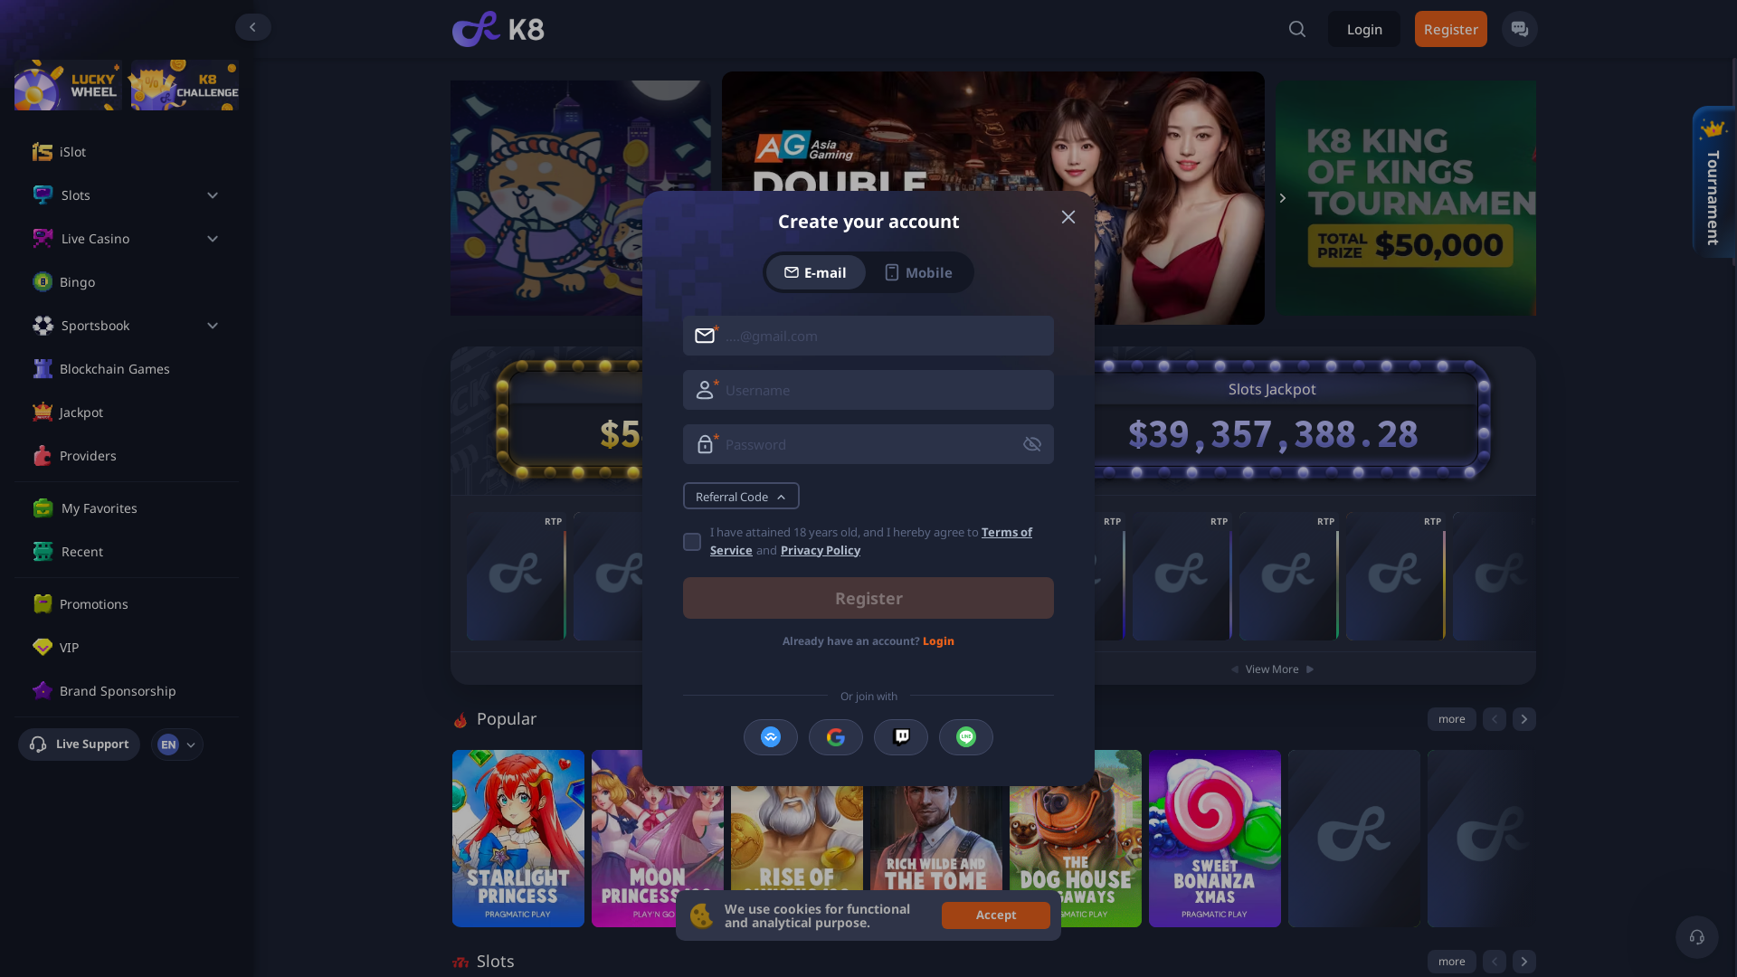  I want to click on 'Sherwood Coins: Hold and Win', so click(1288, 575).